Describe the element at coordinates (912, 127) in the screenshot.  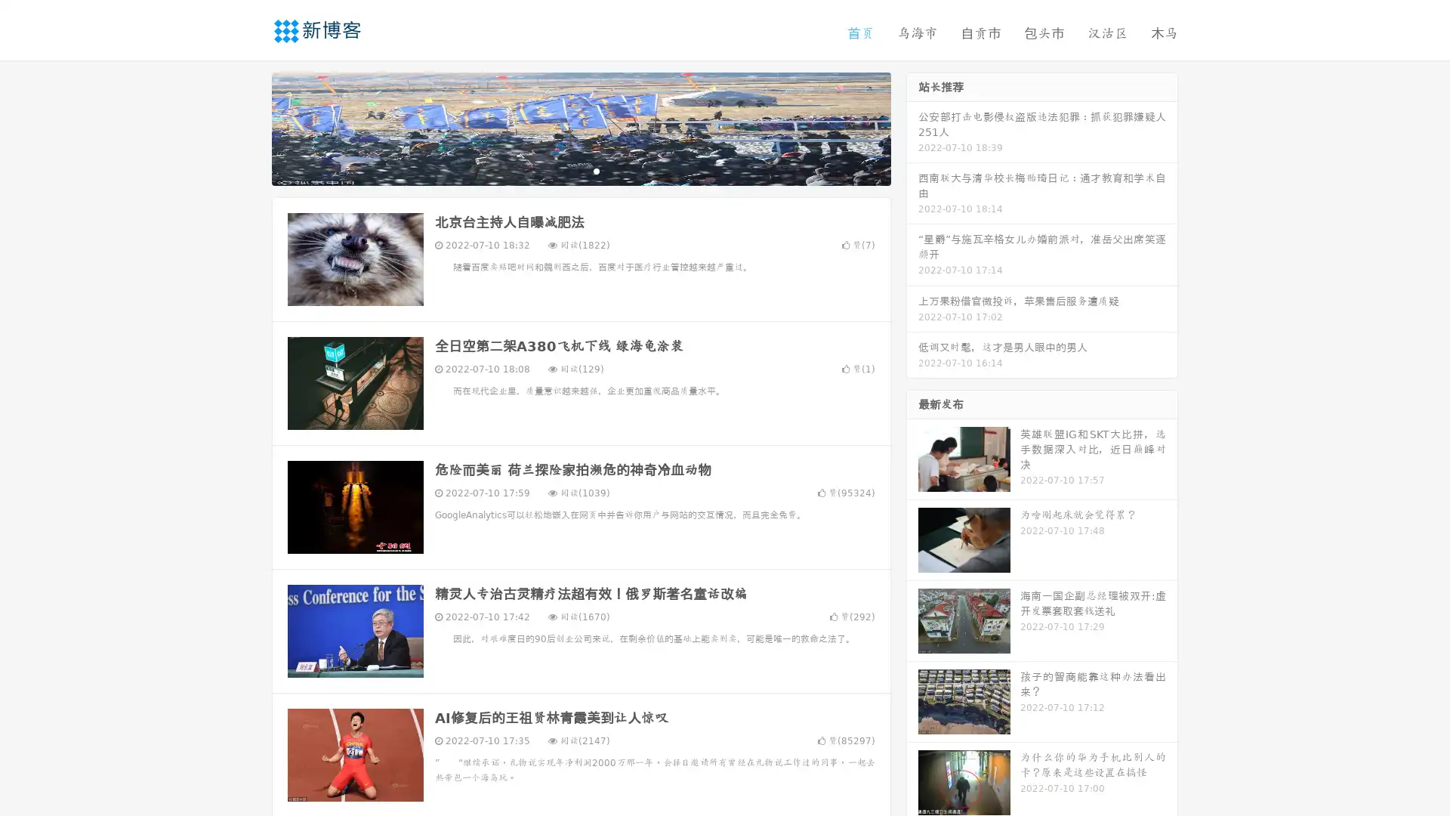
I see `Next slide` at that location.